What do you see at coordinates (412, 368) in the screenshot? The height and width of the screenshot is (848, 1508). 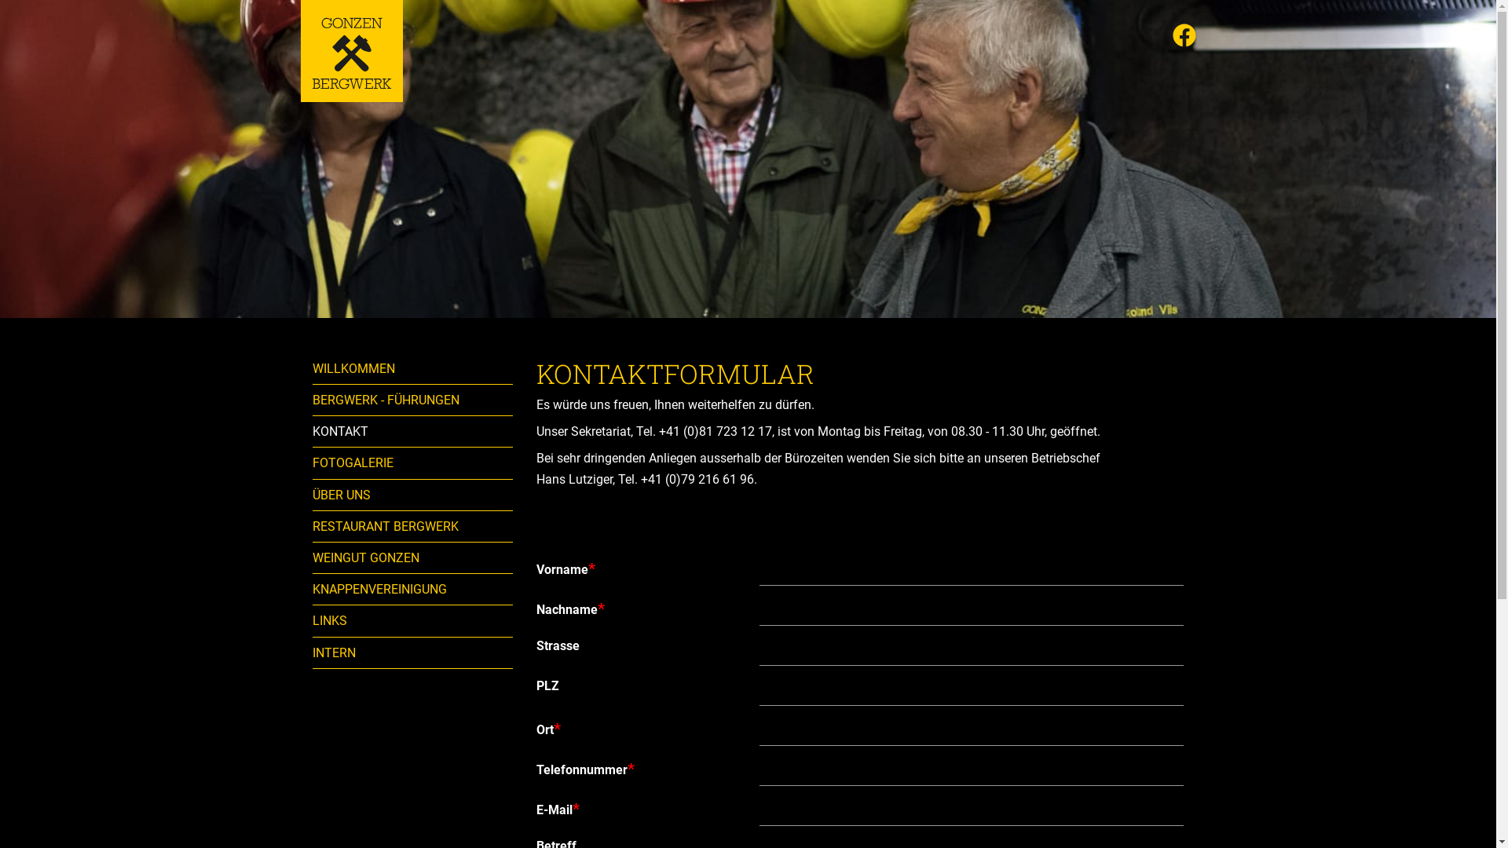 I see `'WILLKOMMEN'` at bounding box center [412, 368].